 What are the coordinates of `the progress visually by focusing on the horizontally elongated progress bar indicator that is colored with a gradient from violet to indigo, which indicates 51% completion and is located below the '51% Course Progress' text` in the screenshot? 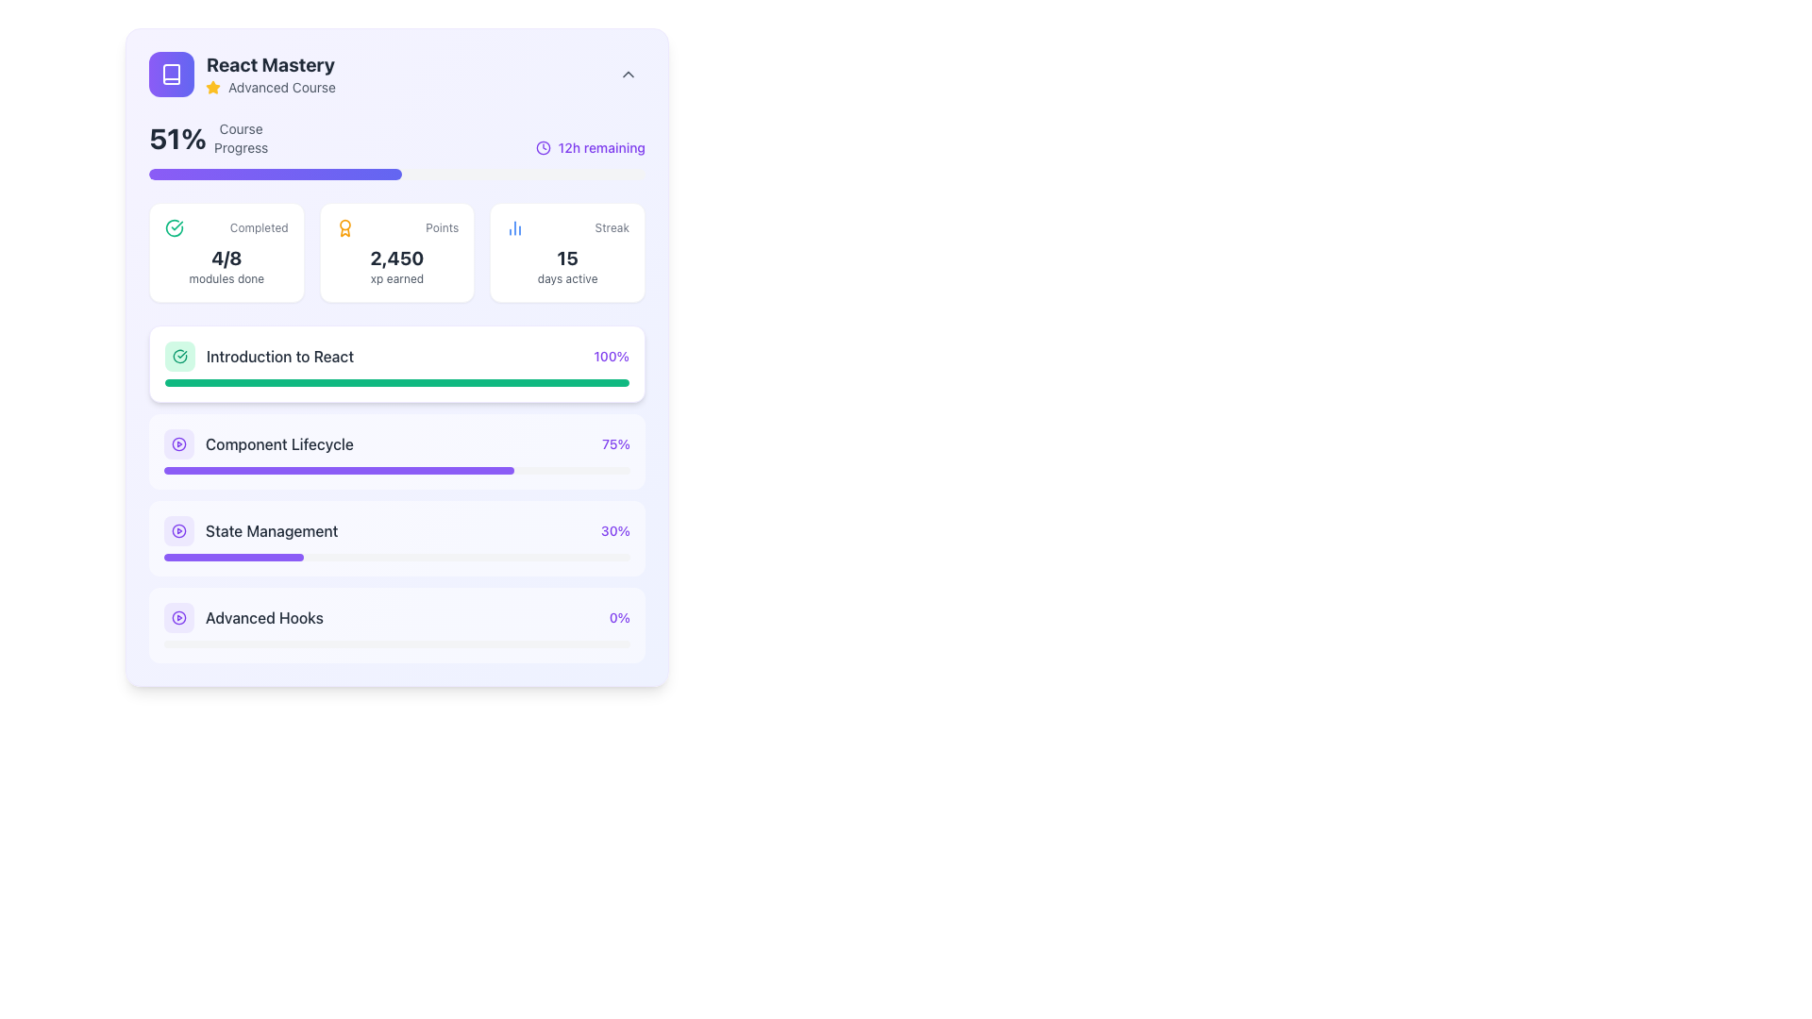 It's located at (275, 175).